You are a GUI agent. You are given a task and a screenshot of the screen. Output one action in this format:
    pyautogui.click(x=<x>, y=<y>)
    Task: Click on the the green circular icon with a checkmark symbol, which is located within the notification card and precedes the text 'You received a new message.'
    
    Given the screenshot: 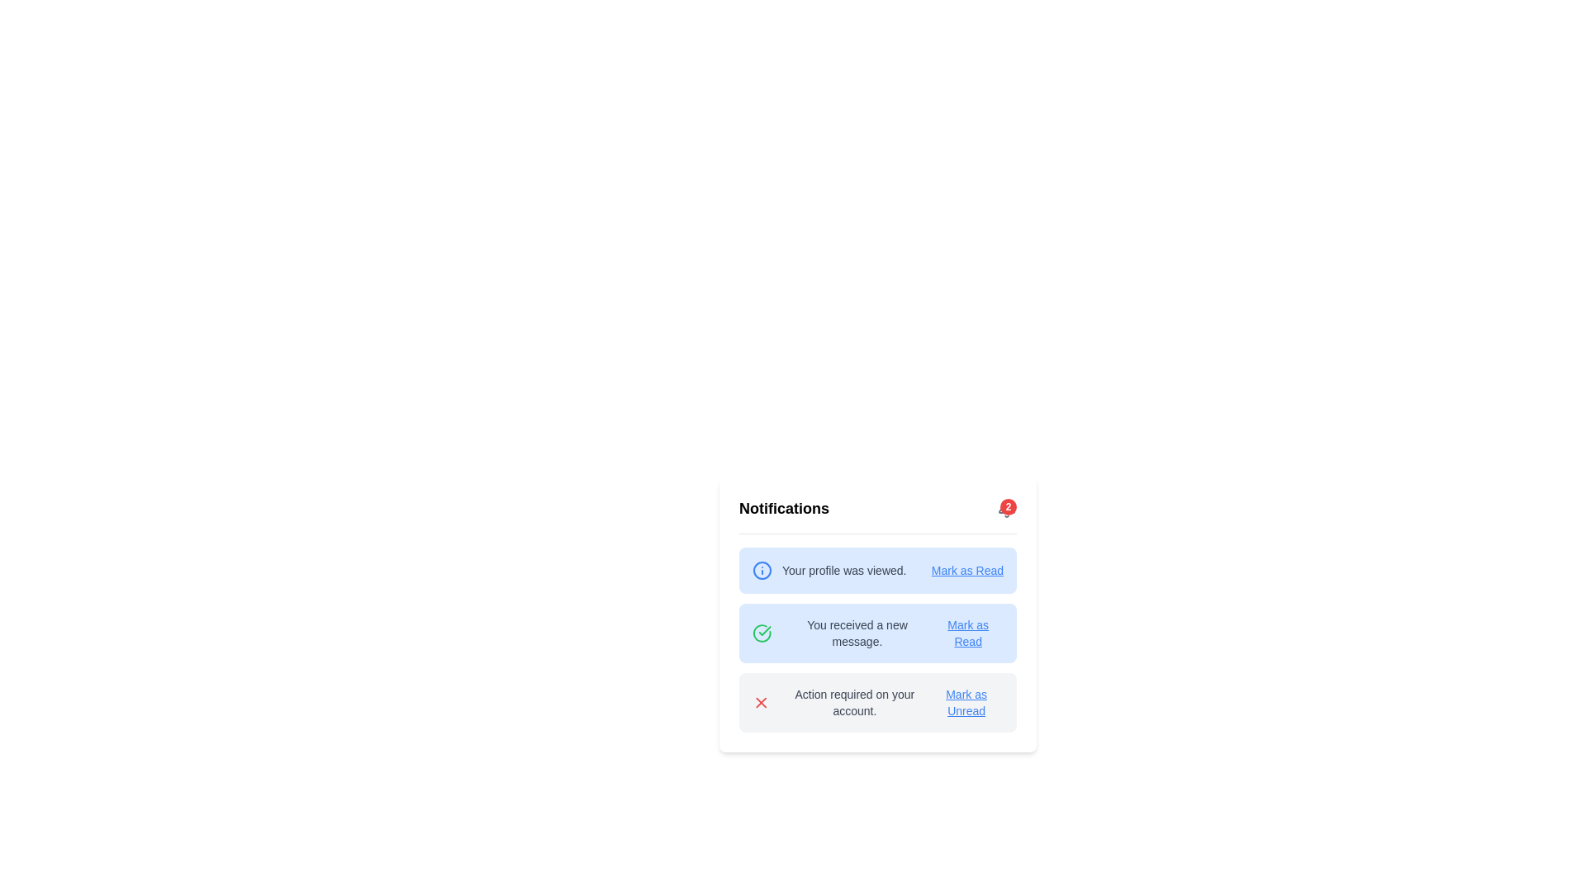 What is the action you would take?
    pyautogui.click(x=761, y=633)
    